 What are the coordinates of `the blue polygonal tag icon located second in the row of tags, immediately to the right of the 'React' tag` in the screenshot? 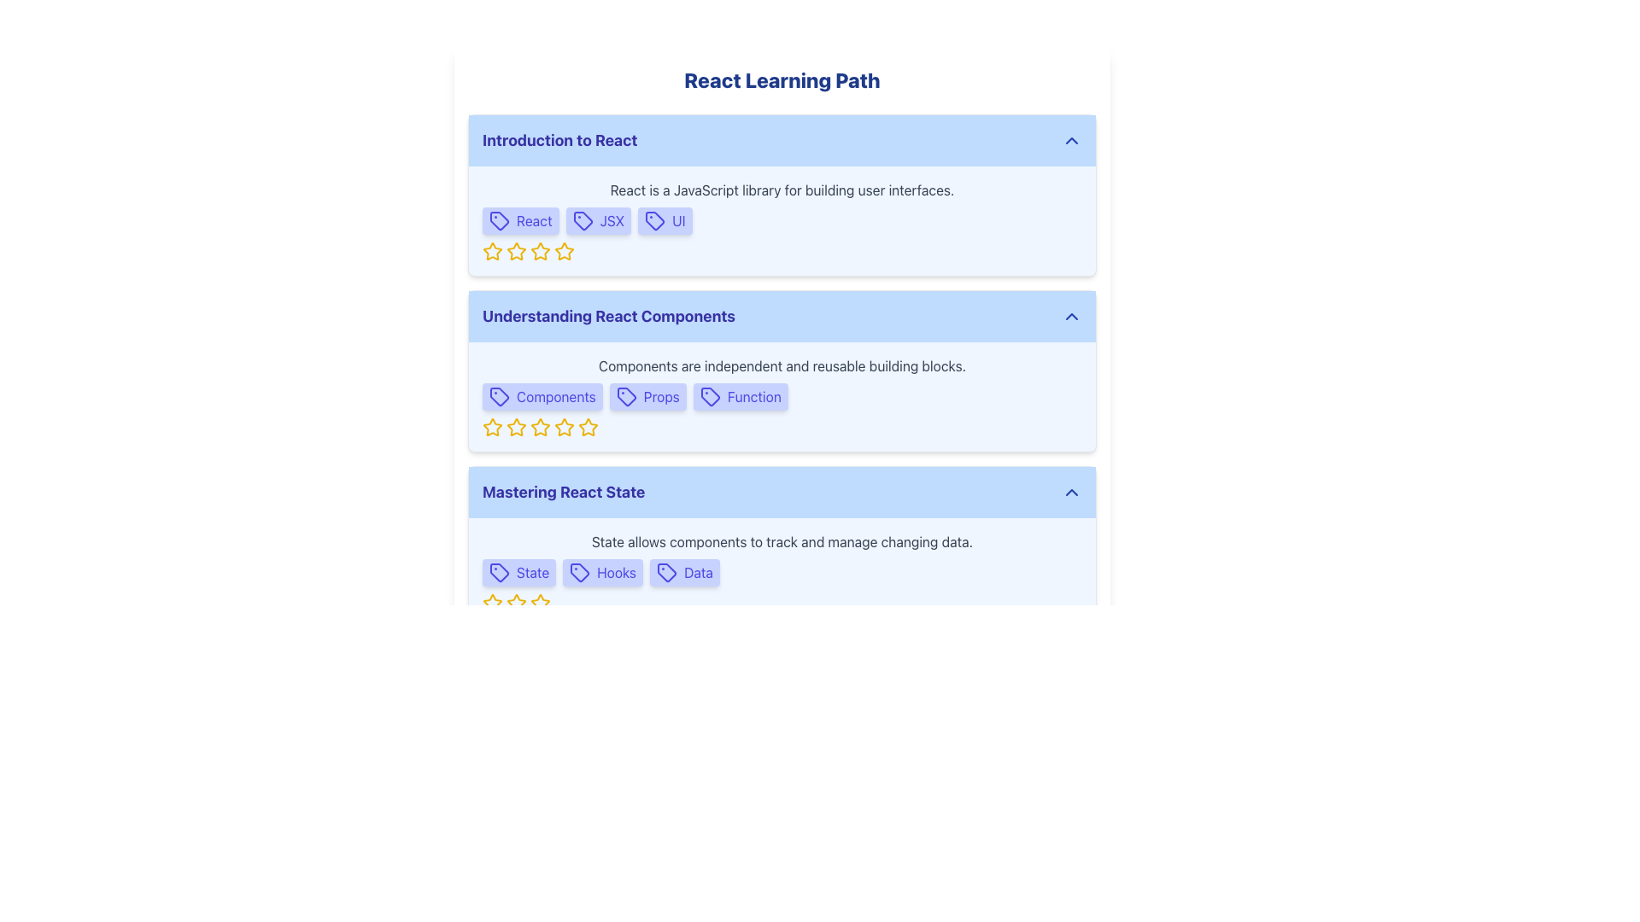 It's located at (583, 219).